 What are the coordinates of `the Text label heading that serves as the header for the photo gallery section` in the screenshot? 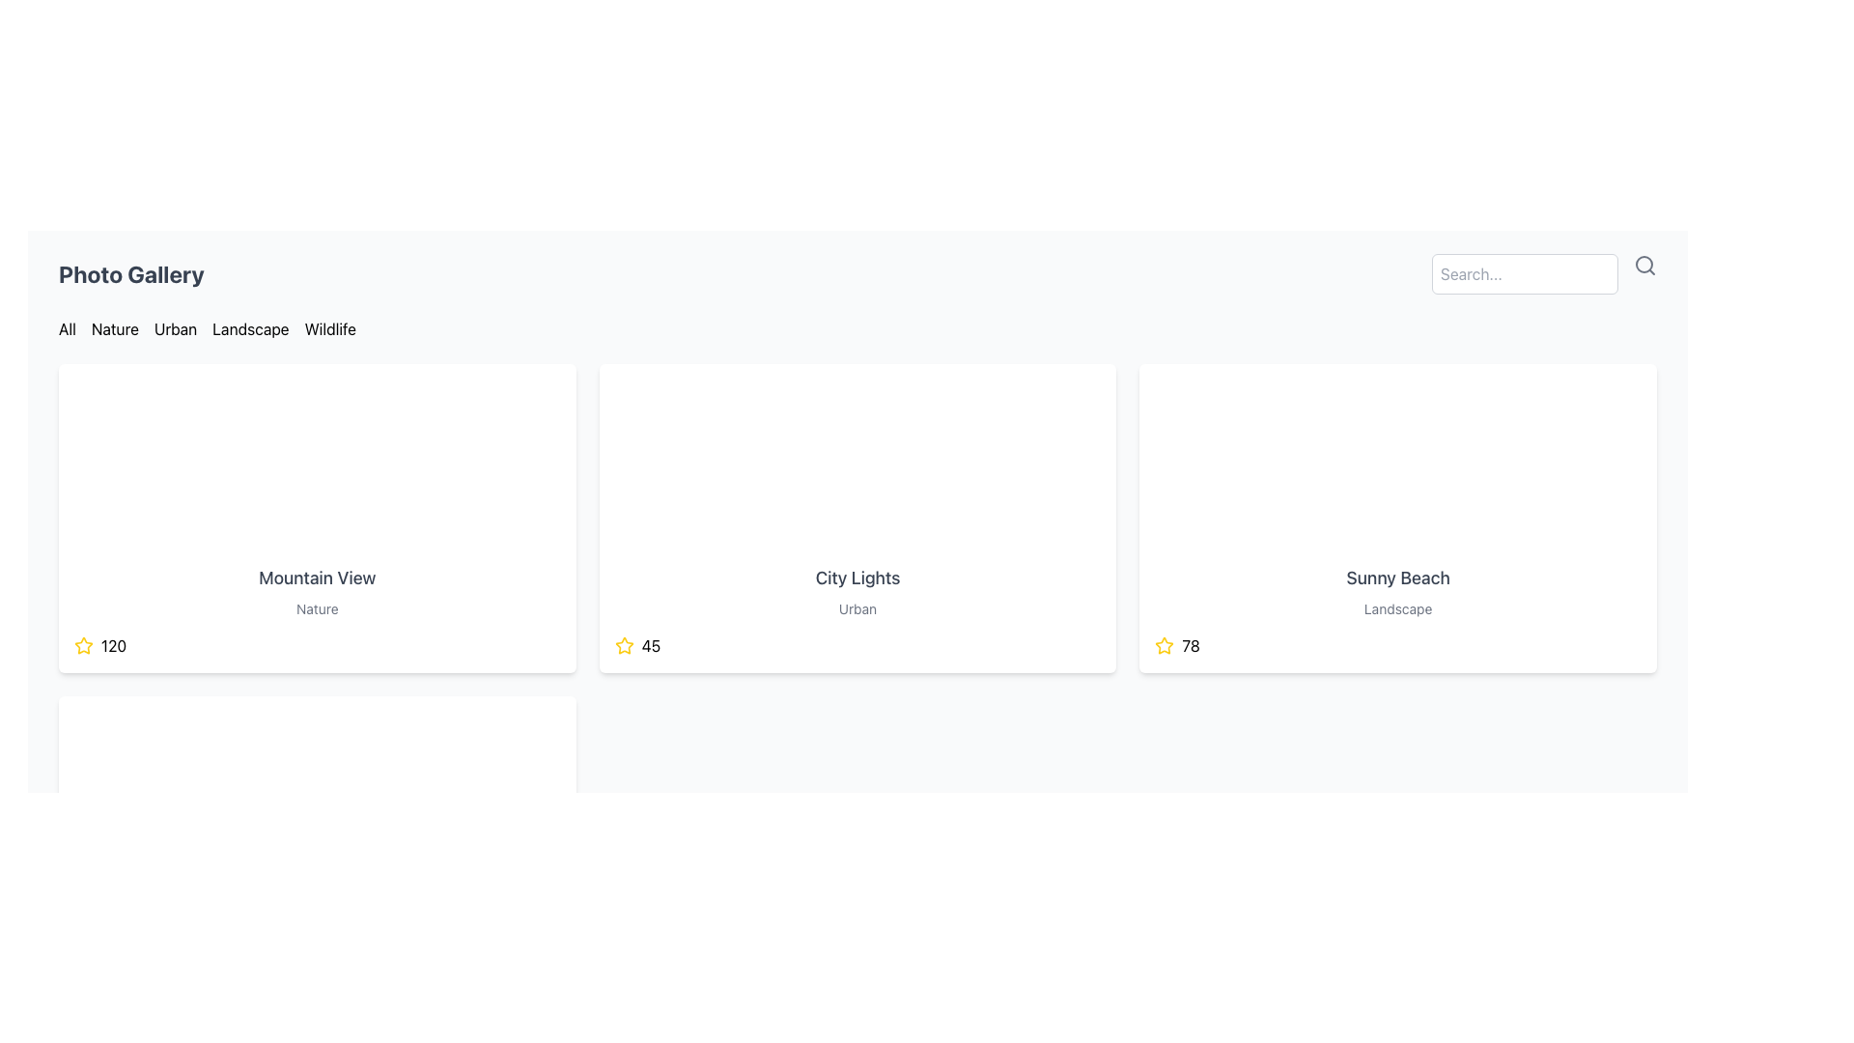 It's located at (130, 274).